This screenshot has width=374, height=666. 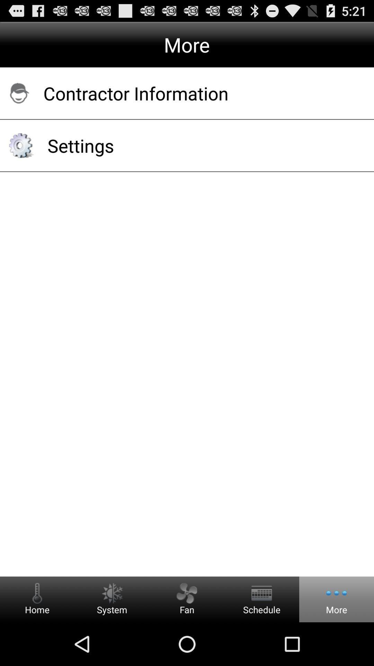 I want to click on app above the settings item, so click(x=199, y=93).